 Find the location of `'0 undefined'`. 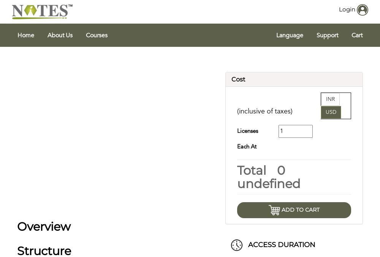

'0 undefined' is located at coordinates (268, 176).